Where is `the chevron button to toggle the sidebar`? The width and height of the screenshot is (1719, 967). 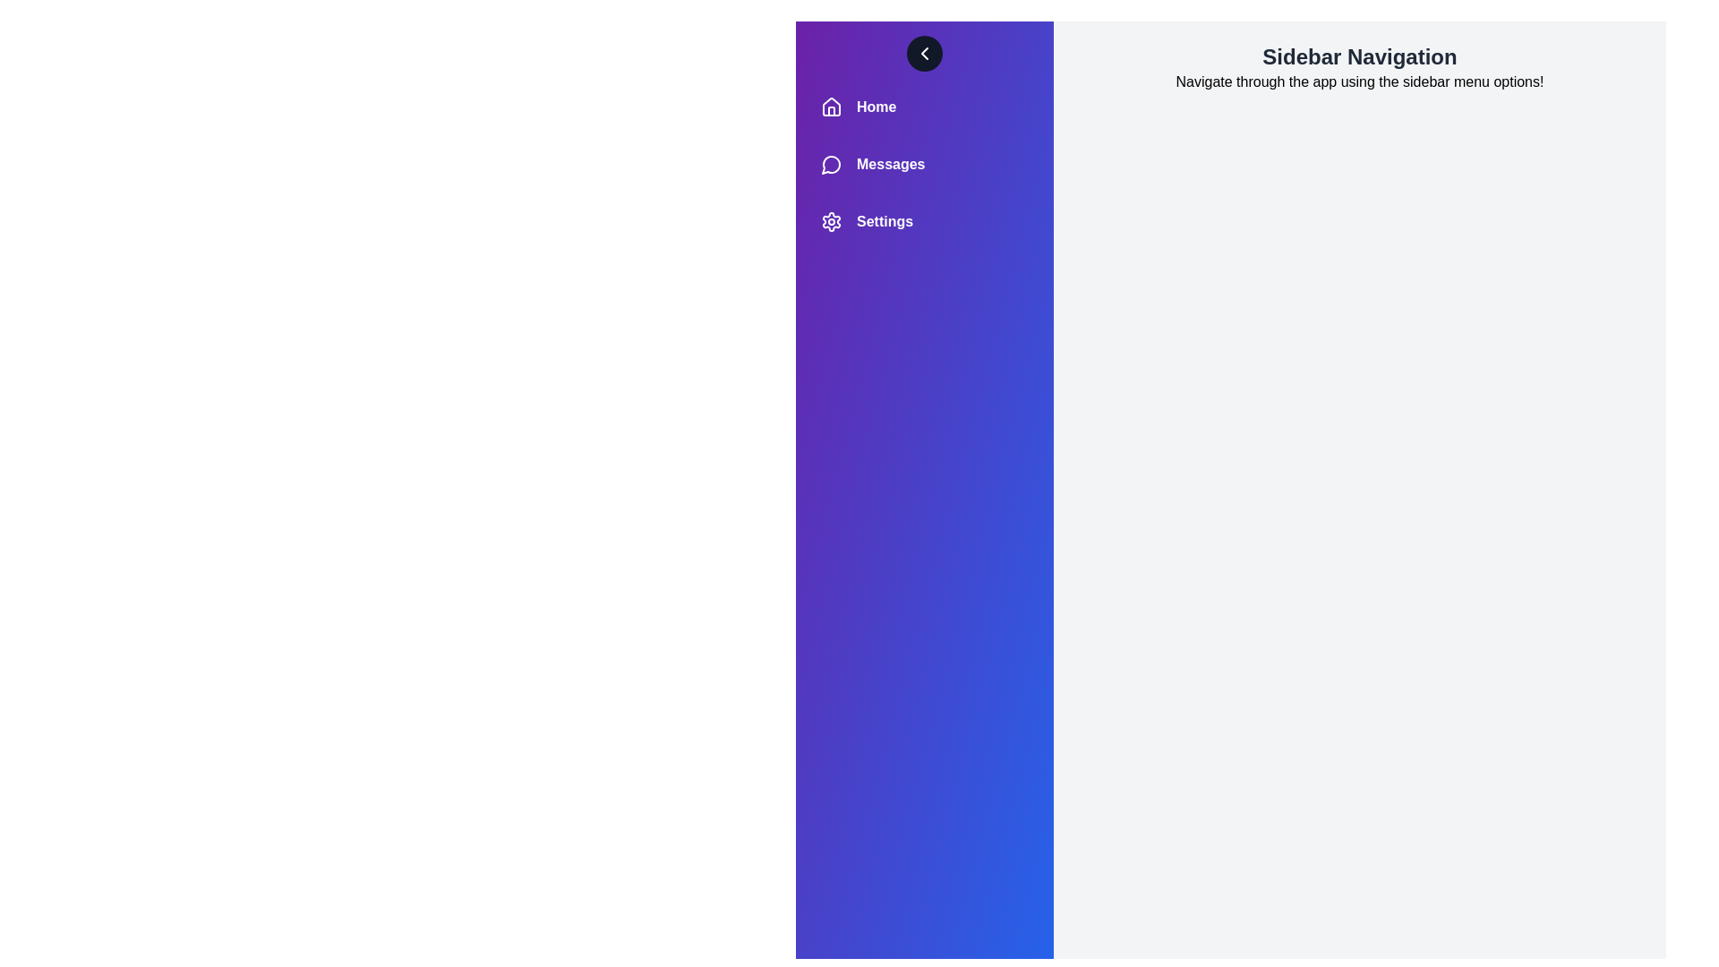 the chevron button to toggle the sidebar is located at coordinates (924, 53).